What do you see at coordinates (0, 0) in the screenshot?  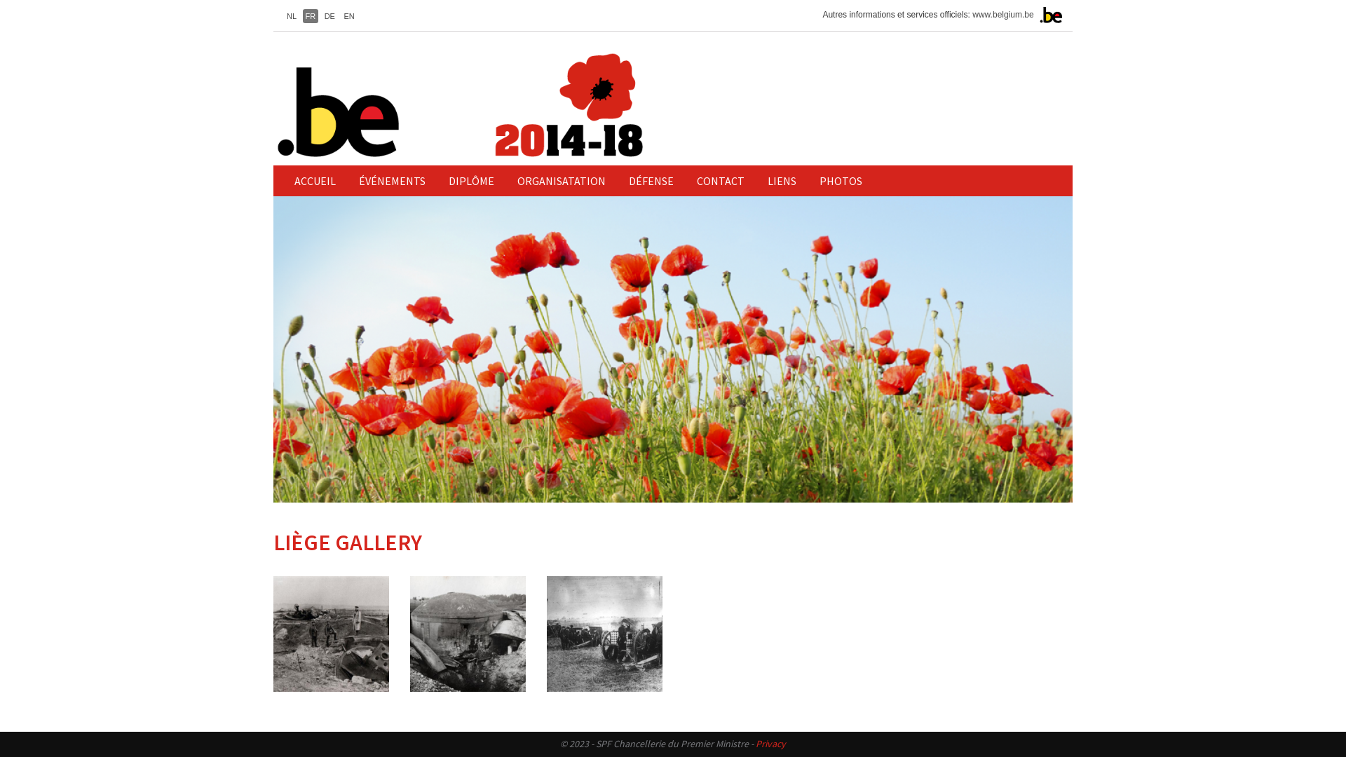 I see `'Skip to main content'` at bounding box center [0, 0].